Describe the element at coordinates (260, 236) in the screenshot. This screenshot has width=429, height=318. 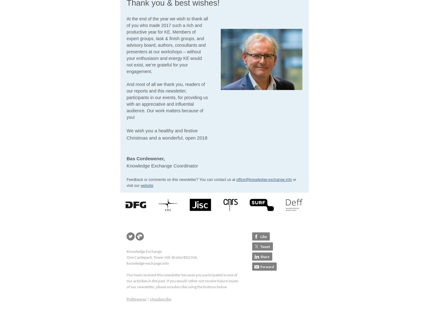
I see `'Like'` at that location.